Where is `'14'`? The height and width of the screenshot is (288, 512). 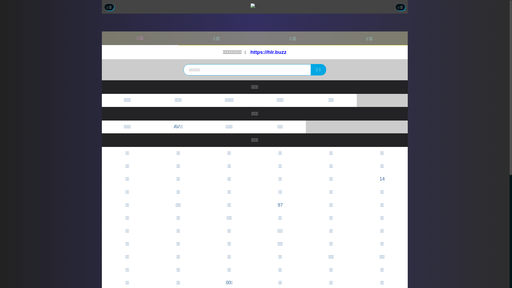 '14' is located at coordinates (382, 179).